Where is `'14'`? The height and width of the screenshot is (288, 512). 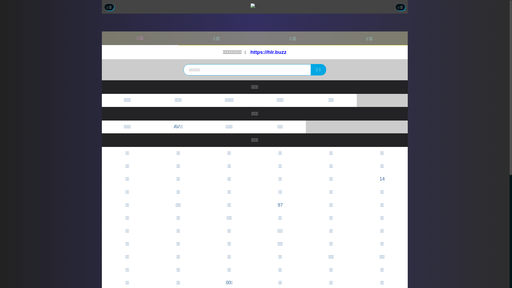 '14' is located at coordinates (382, 179).